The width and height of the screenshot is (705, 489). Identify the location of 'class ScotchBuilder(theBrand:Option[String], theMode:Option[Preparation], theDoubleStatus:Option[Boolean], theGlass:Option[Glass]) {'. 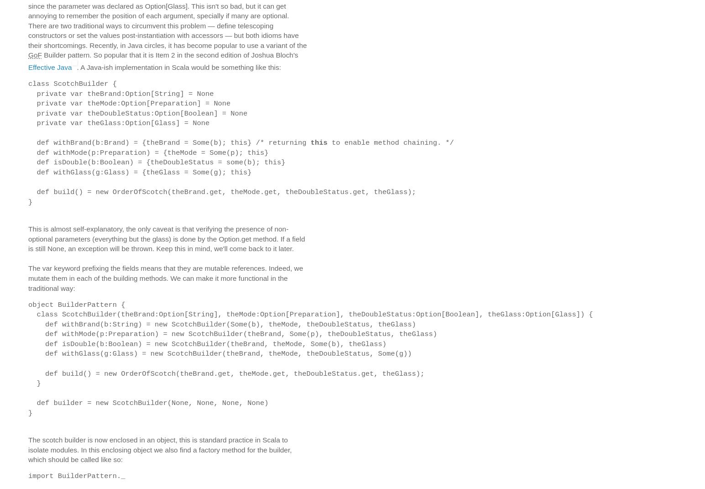
(310, 314).